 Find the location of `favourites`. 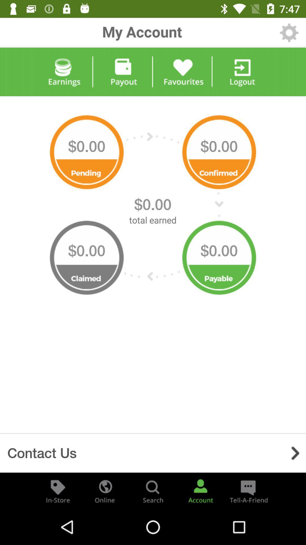

favourites is located at coordinates (182, 72).